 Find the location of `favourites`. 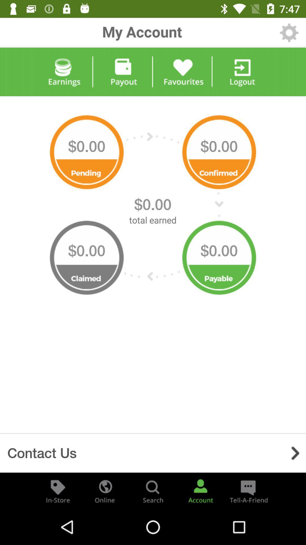

favourites is located at coordinates (182, 72).